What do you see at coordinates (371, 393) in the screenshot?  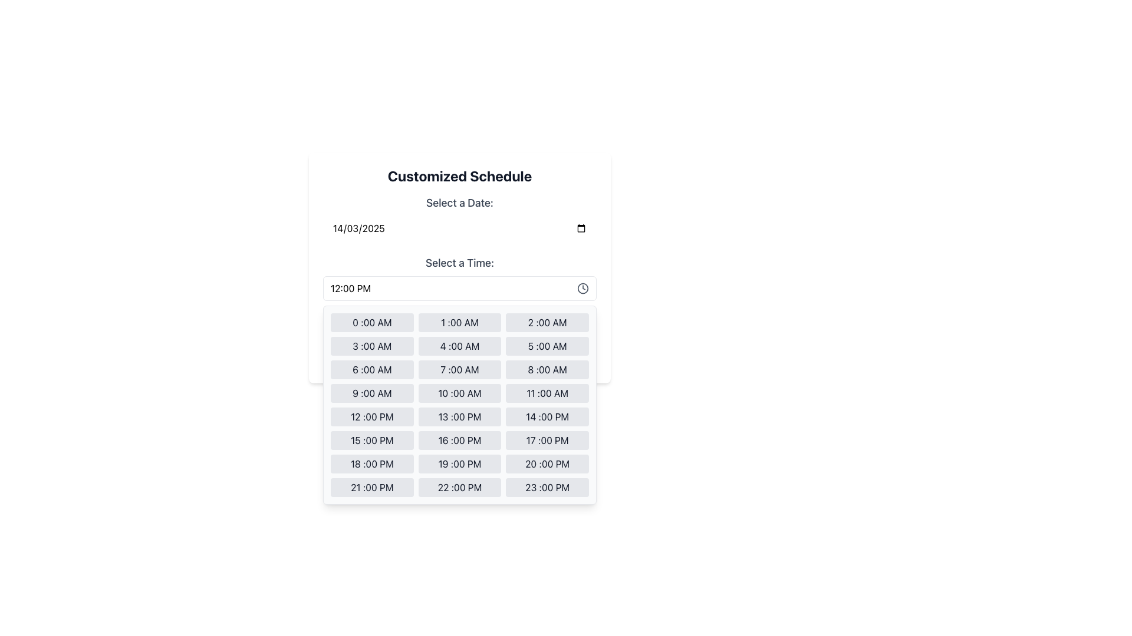 I see `the button in the dropdown time picker` at bounding box center [371, 393].